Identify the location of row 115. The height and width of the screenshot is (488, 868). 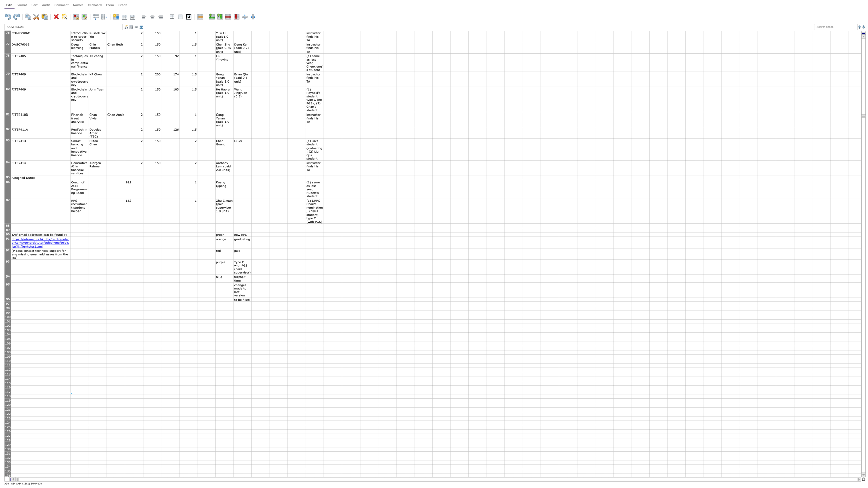
(8, 383).